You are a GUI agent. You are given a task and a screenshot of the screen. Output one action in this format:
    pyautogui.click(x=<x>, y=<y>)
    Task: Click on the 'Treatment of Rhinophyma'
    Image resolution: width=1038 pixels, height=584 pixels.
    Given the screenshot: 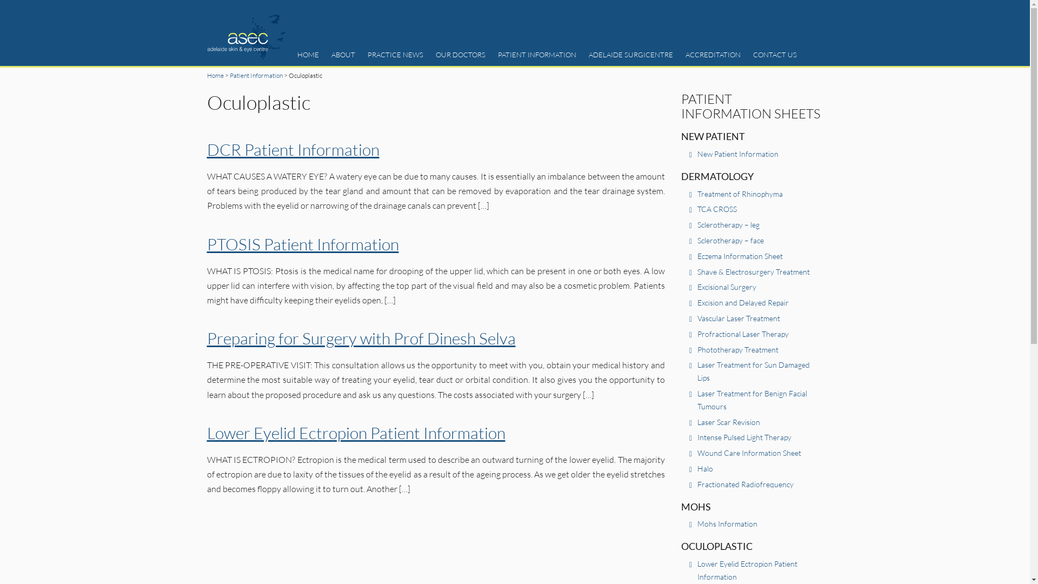 What is the action you would take?
    pyautogui.click(x=697, y=193)
    